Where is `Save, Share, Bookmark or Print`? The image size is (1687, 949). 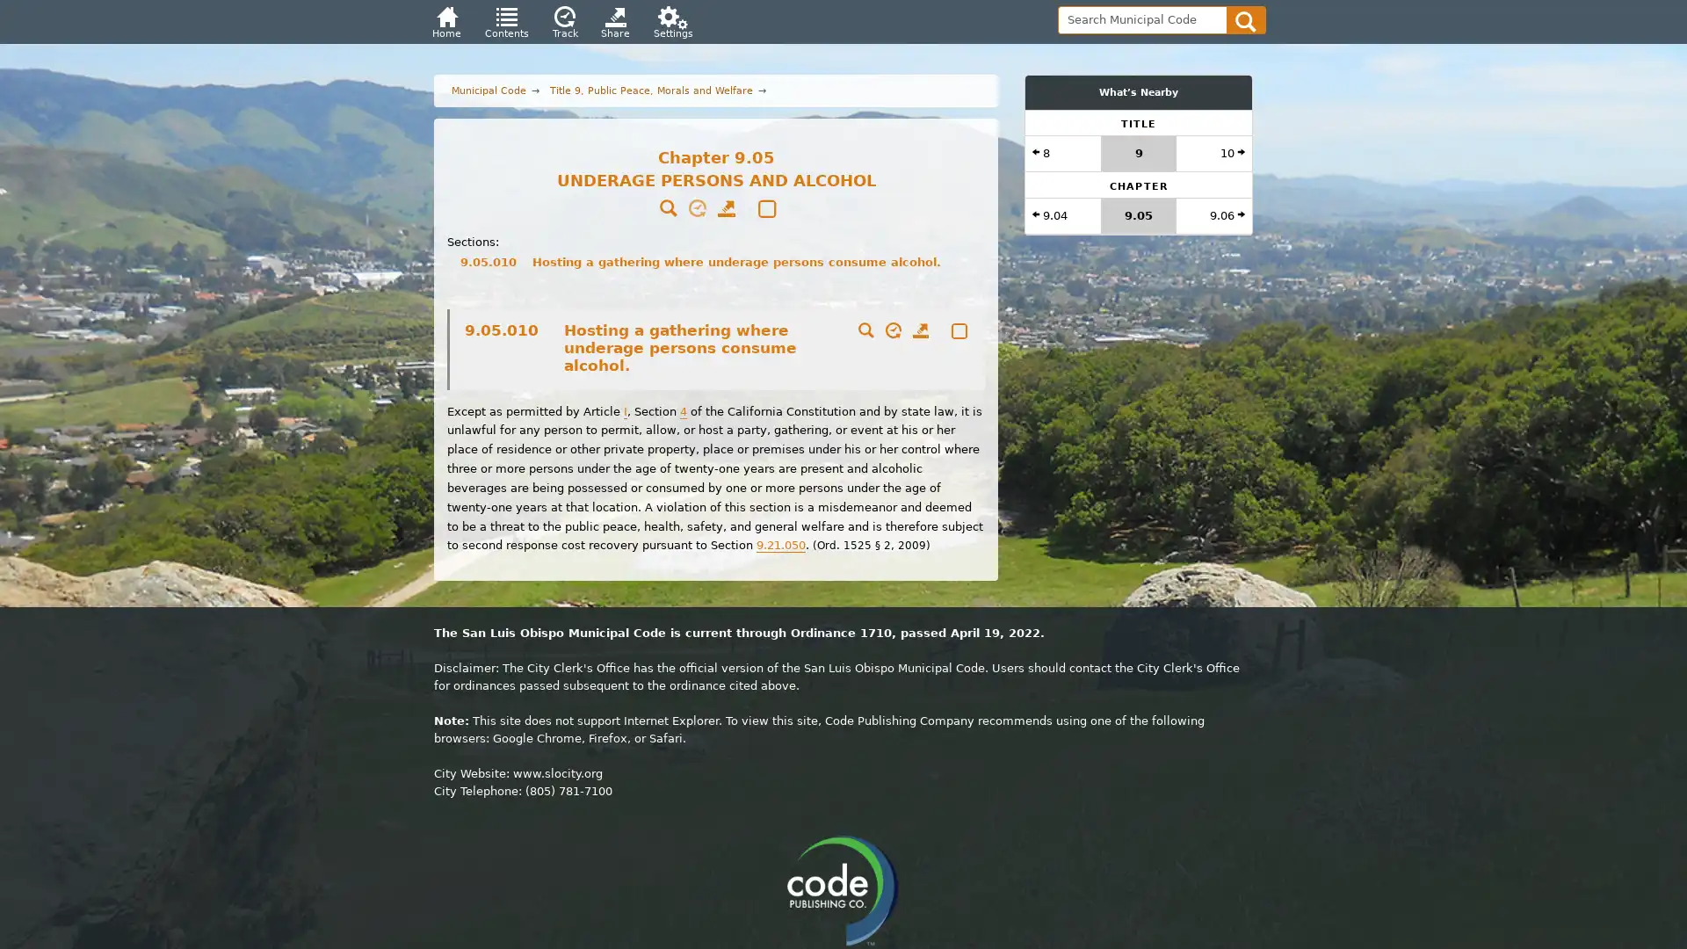
Save, Share, Bookmark or Print is located at coordinates (726, 208).